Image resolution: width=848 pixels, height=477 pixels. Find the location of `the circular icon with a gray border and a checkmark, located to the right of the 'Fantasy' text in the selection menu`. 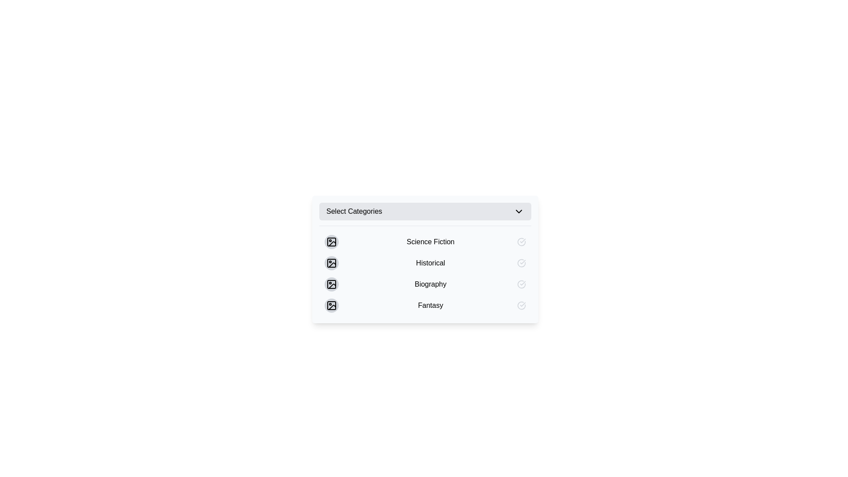

the circular icon with a gray border and a checkmark, located to the right of the 'Fantasy' text in the selection menu is located at coordinates (521, 305).